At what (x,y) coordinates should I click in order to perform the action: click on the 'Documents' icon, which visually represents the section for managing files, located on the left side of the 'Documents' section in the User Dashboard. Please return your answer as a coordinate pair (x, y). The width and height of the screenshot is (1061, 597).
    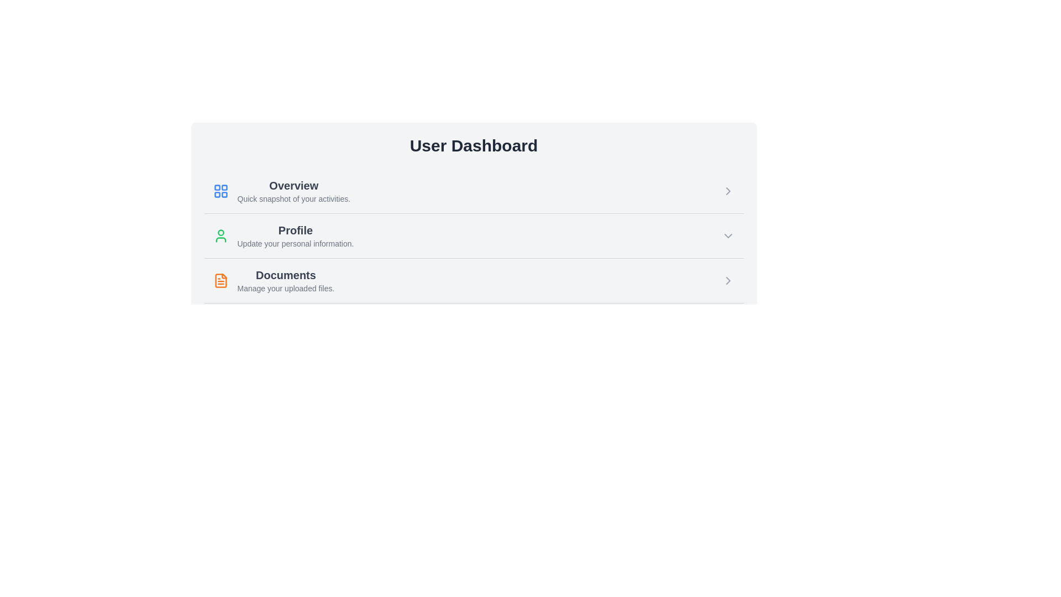
    Looking at the image, I should click on (220, 280).